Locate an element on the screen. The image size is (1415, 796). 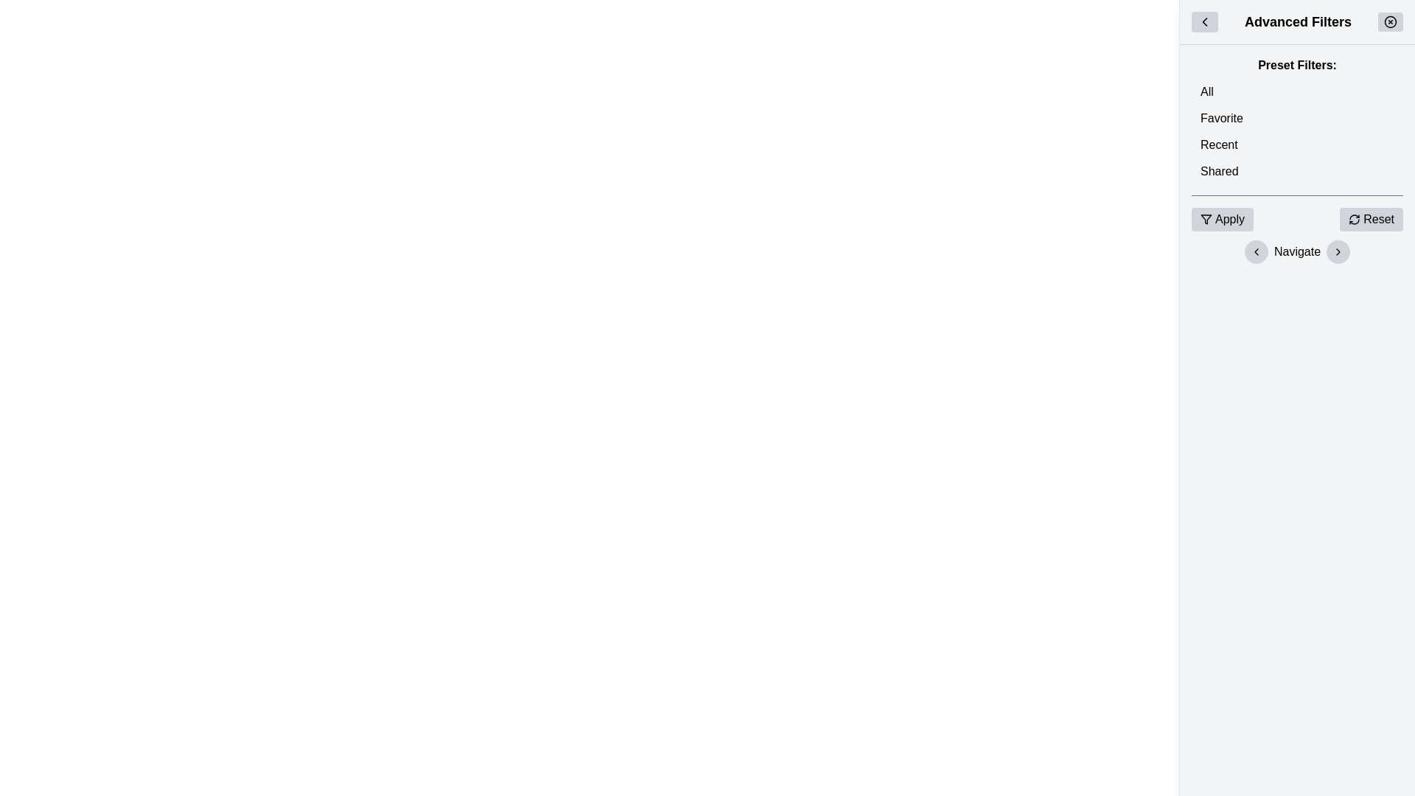
the leftward chevron icon within the button located at the top-left corner of the sidebar labeled 'Advanced Filters' is located at coordinates (1205, 22).